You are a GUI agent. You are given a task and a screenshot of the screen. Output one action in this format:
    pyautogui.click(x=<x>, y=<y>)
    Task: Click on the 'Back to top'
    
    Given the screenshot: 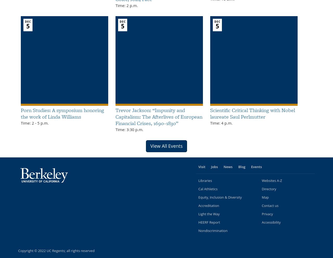 What is the action you would take?
    pyautogui.click(x=312, y=252)
    